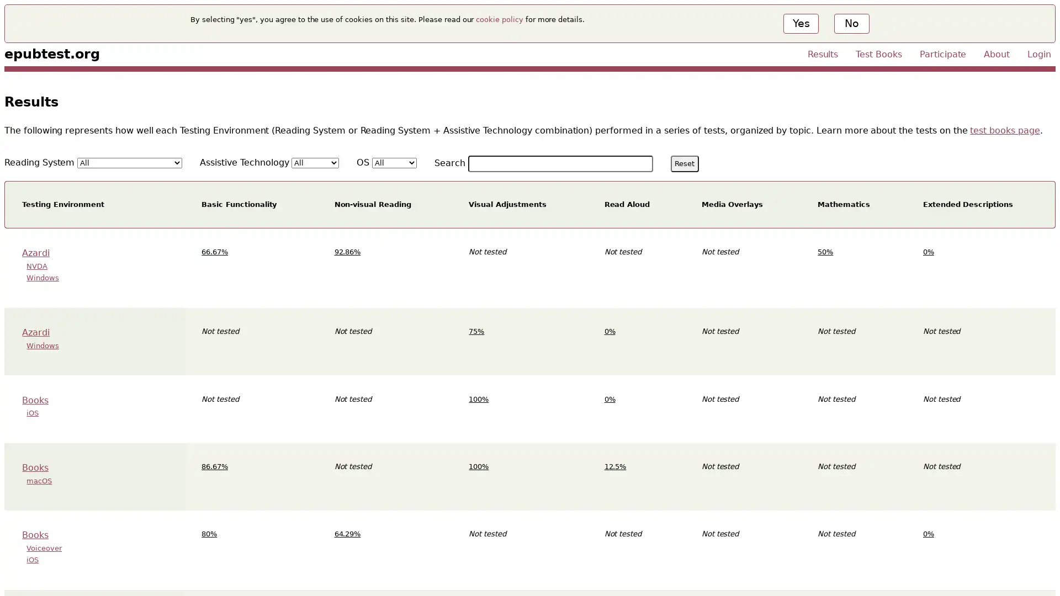  What do you see at coordinates (238, 204) in the screenshot?
I see `Basic Functionality` at bounding box center [238, 204].